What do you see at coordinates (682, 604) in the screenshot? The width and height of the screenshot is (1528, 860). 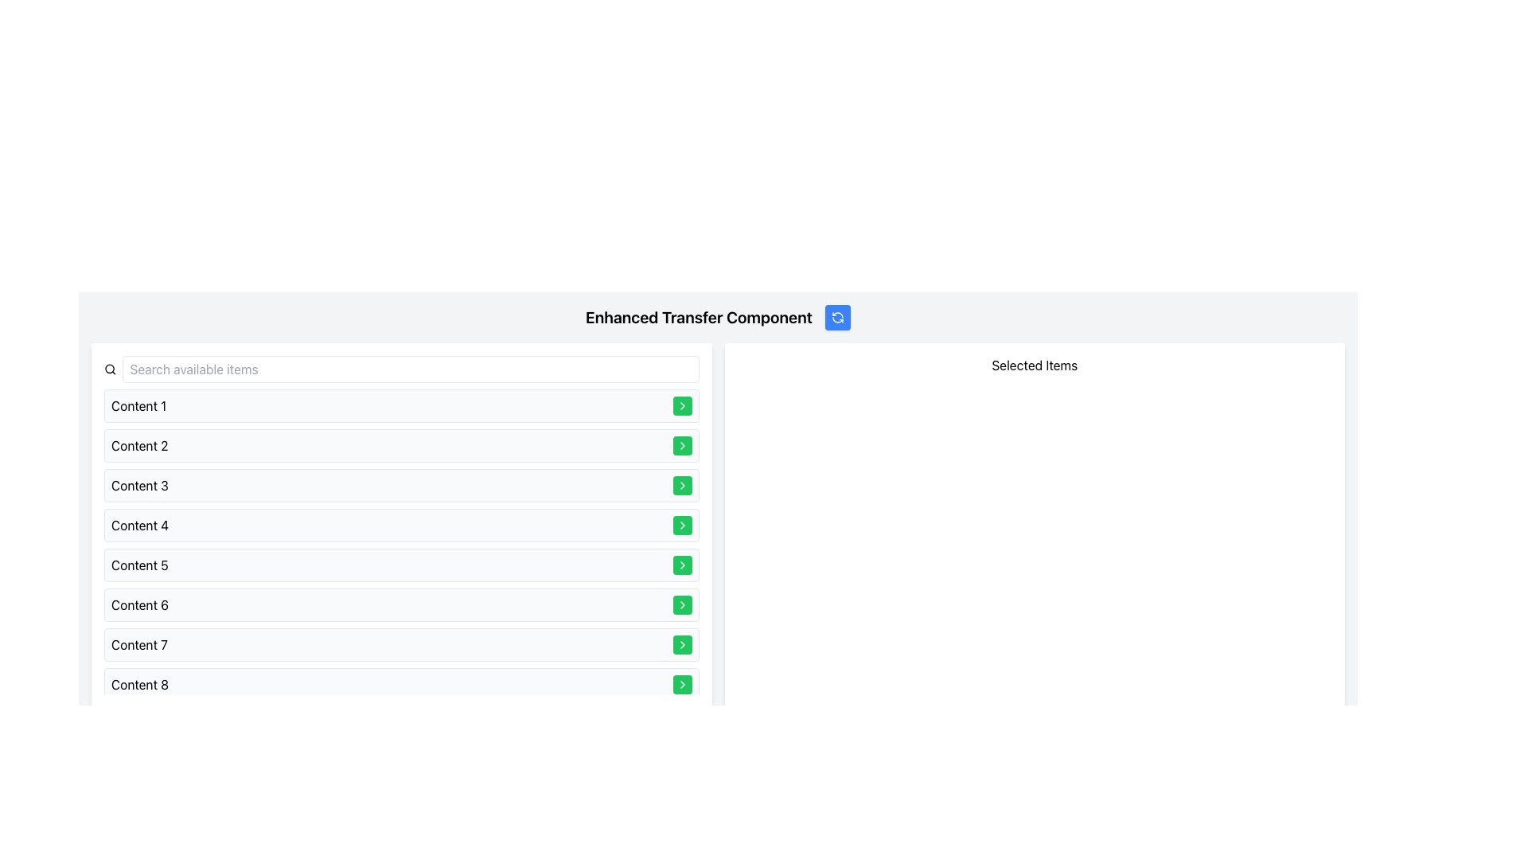 I see `the button located at the far-right of the 'Content 6' row` at bounding box center [682, 604].